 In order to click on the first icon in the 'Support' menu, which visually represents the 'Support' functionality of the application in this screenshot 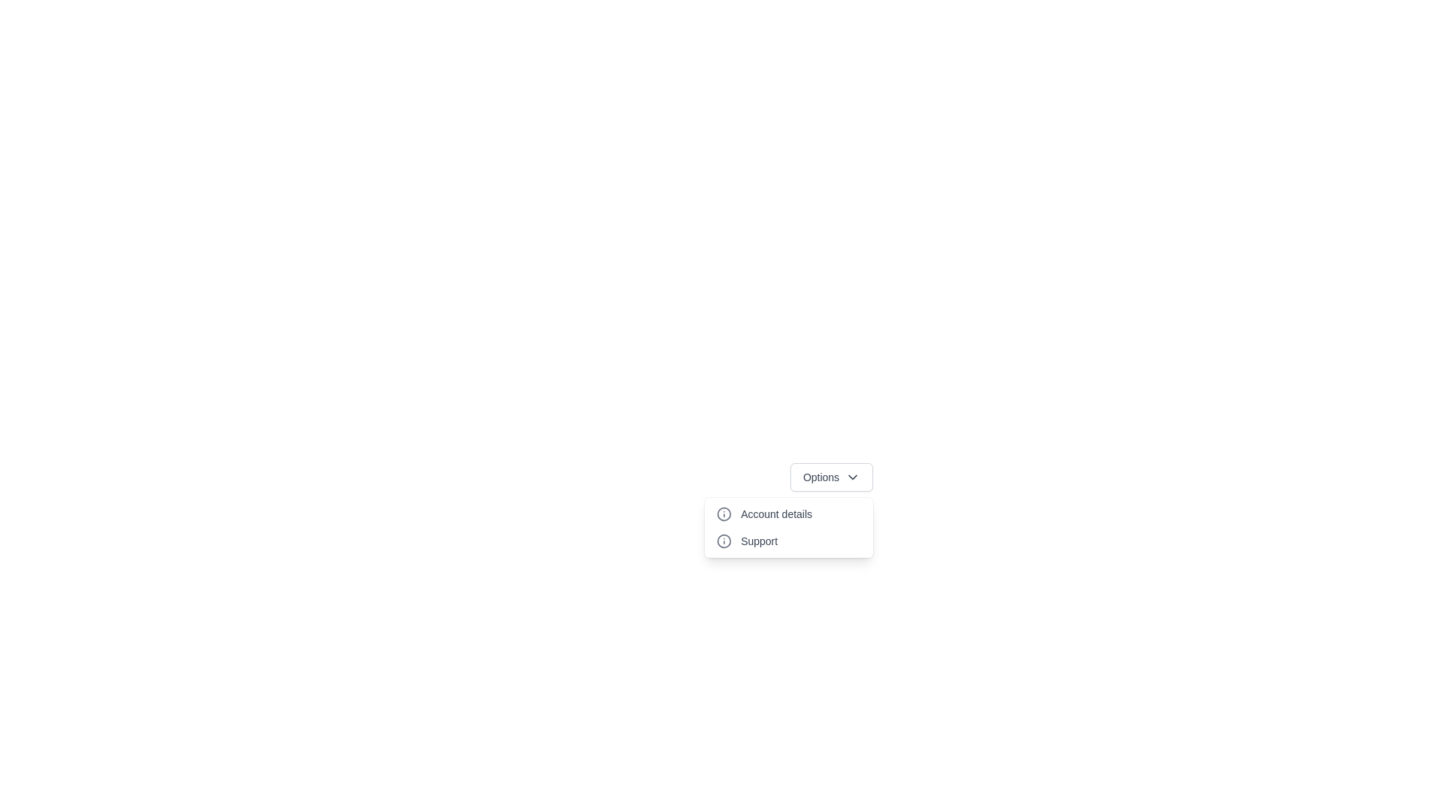, I will do `click(724, 541)`.